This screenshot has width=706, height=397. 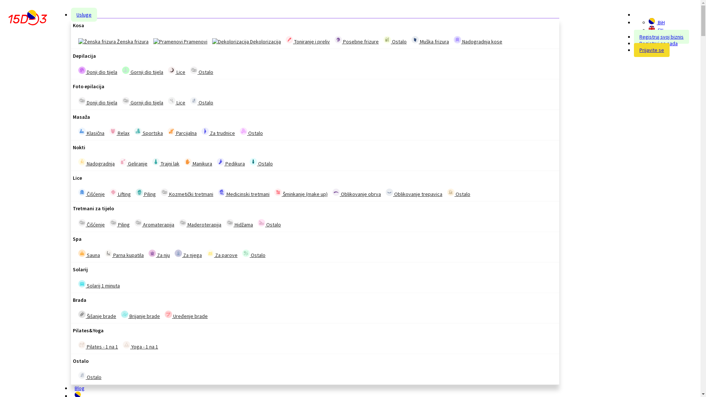 I want to click on 'Parcijalna', so click(x=182, y=131).